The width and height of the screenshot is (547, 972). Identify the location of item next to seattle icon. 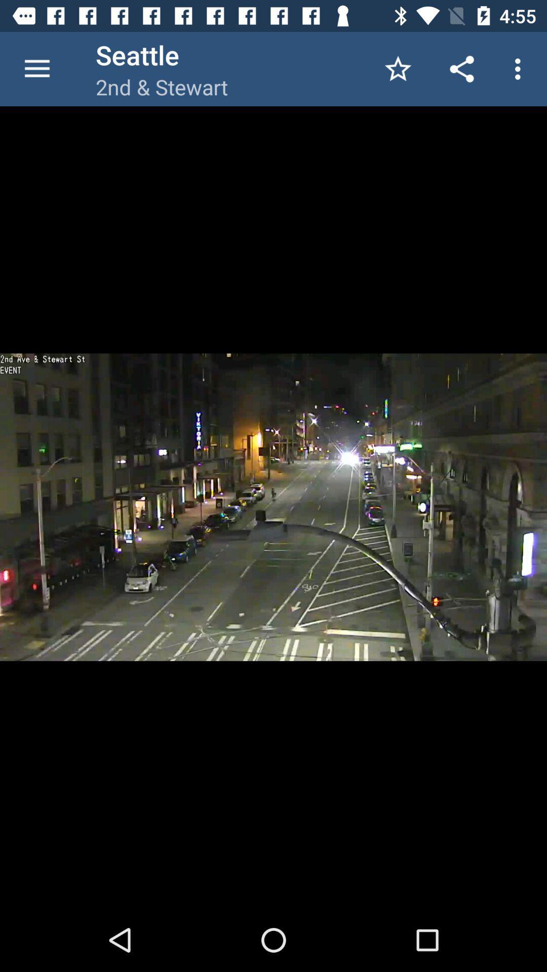
(36, 68).